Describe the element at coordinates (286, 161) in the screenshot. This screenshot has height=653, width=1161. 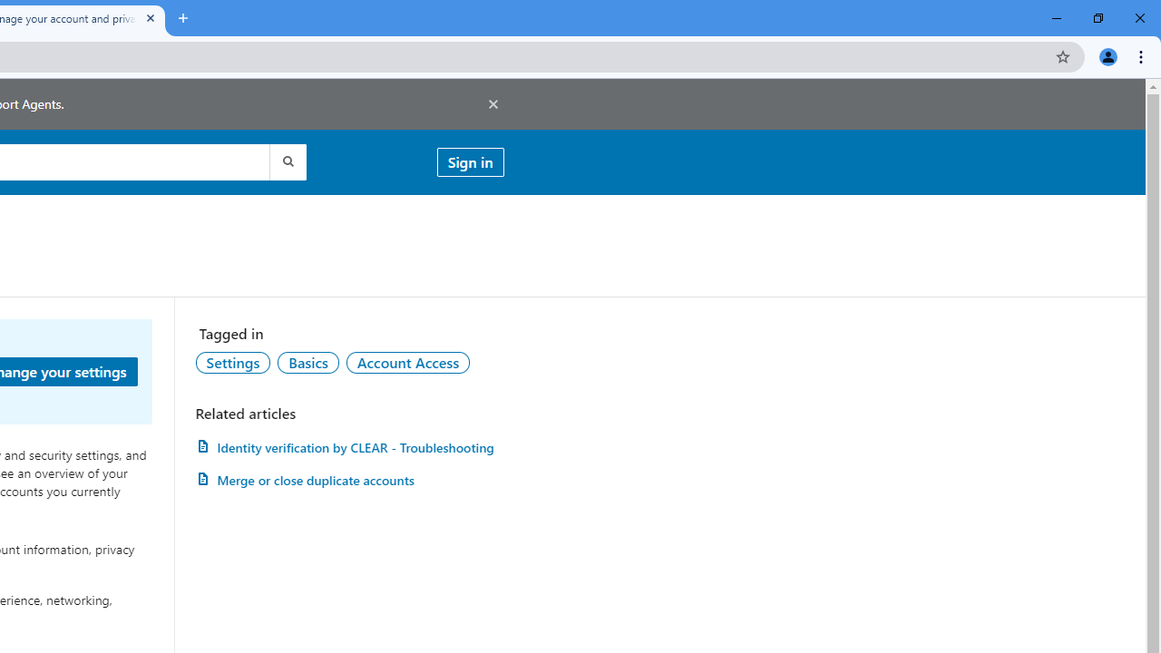
I see `'Submit search'` at that location.